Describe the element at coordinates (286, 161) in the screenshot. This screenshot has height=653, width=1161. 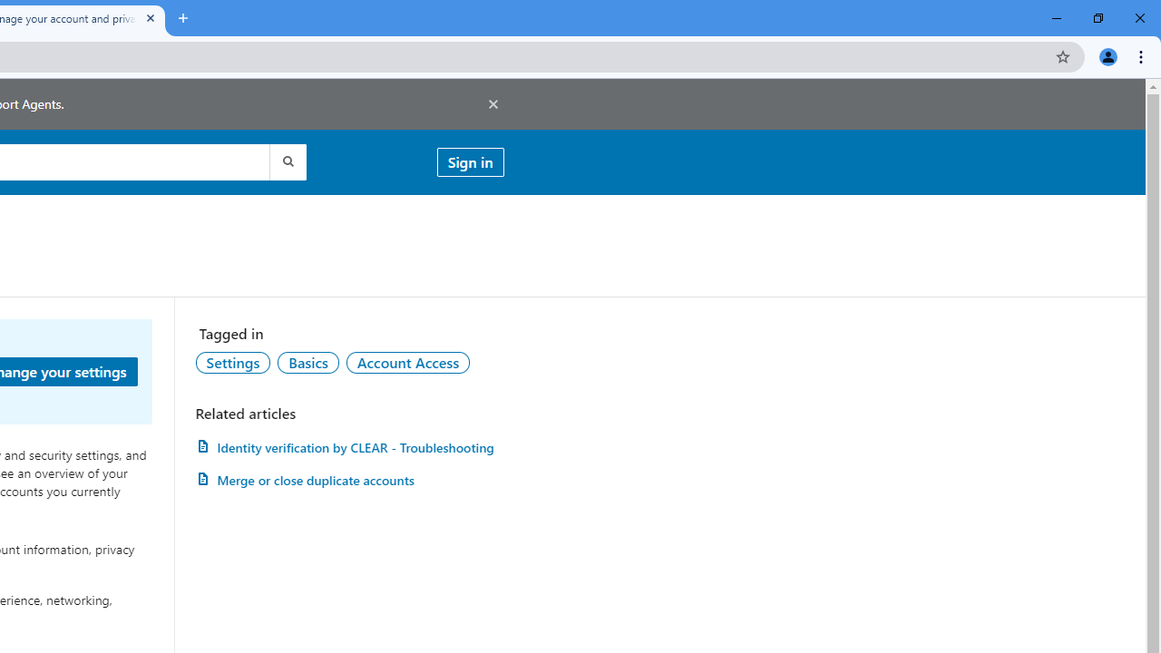
I see `'Submit search'` at that location.